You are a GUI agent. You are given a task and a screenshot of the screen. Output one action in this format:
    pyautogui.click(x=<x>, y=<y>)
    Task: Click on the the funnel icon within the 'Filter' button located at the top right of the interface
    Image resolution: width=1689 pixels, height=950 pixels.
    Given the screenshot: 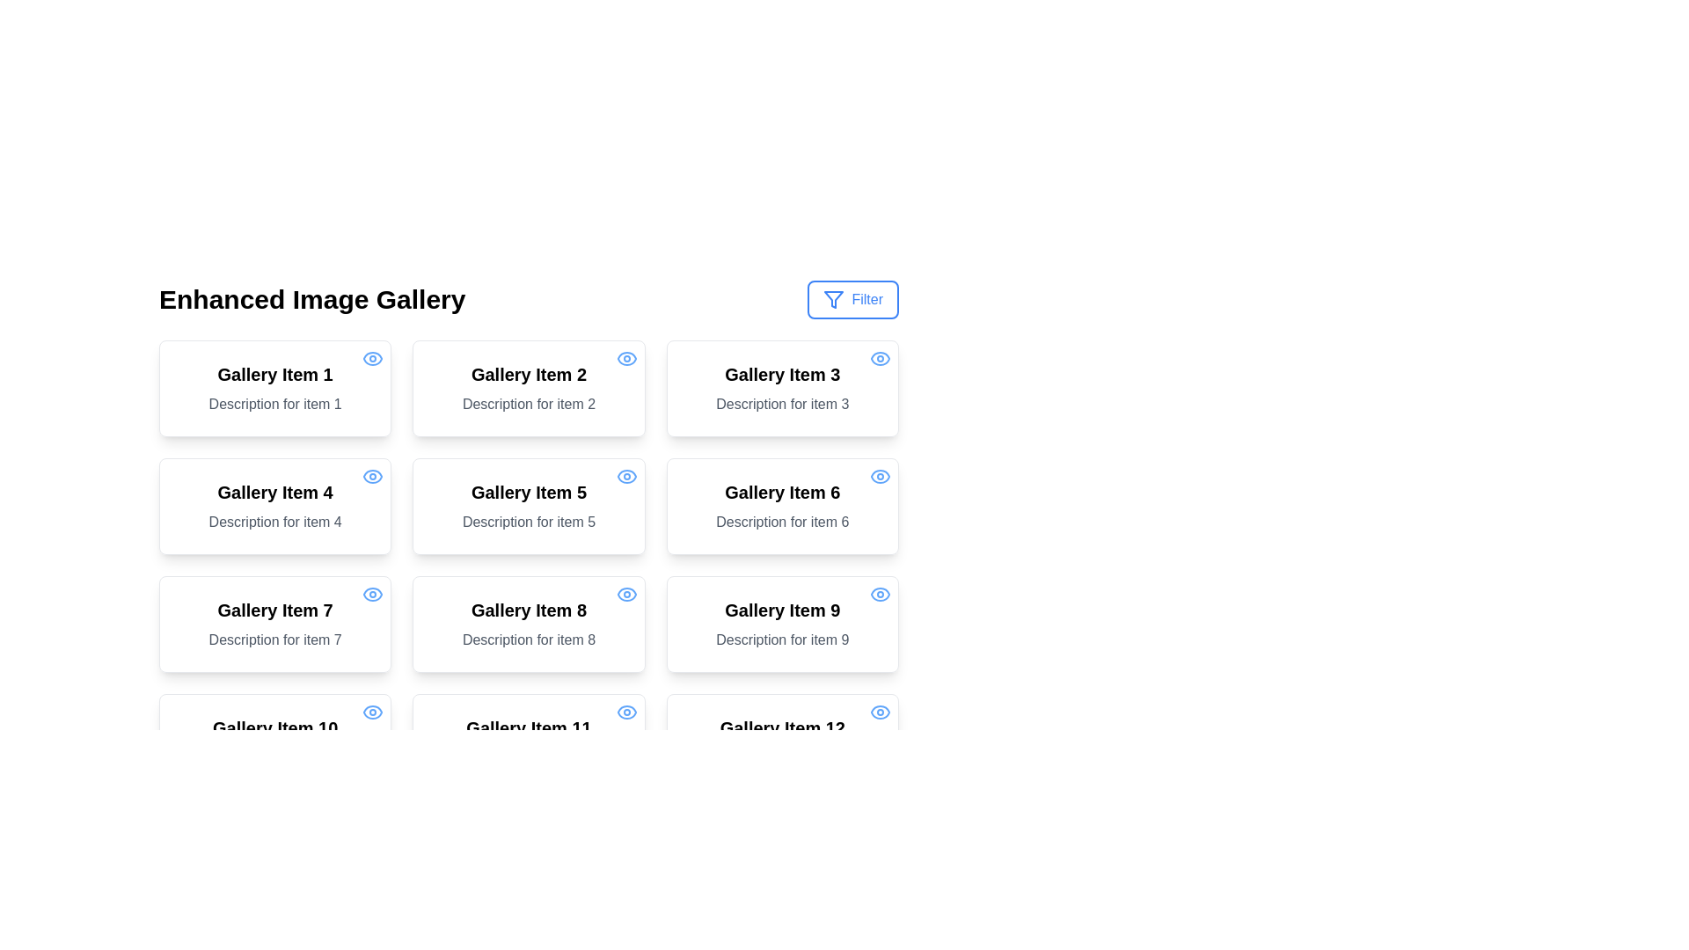 What is the action you would take?
    pyautogui.click(x=833, y=298)
    